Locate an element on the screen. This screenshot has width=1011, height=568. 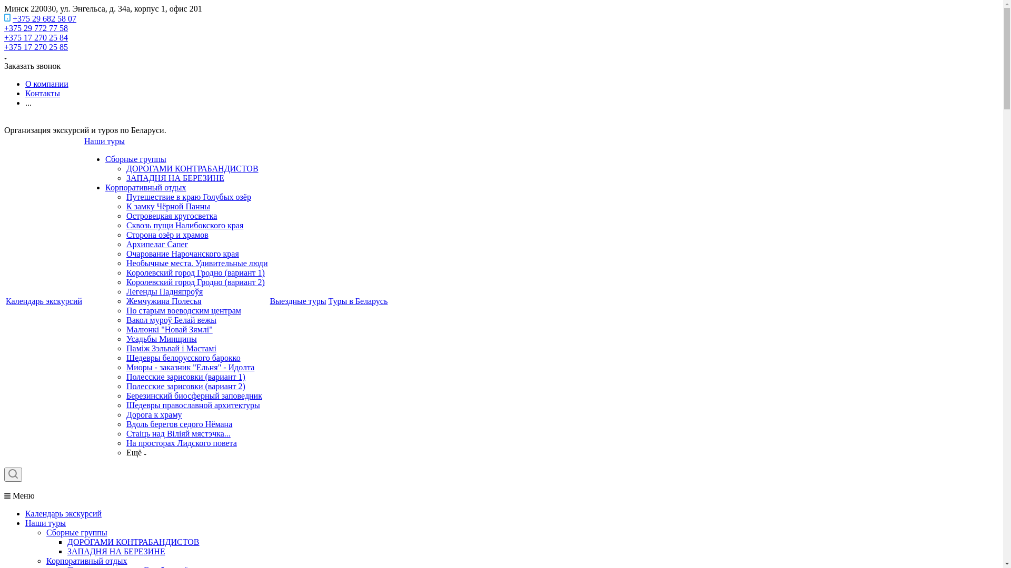
'+375 17 270 25 84' is located at coordinates (4, 37).